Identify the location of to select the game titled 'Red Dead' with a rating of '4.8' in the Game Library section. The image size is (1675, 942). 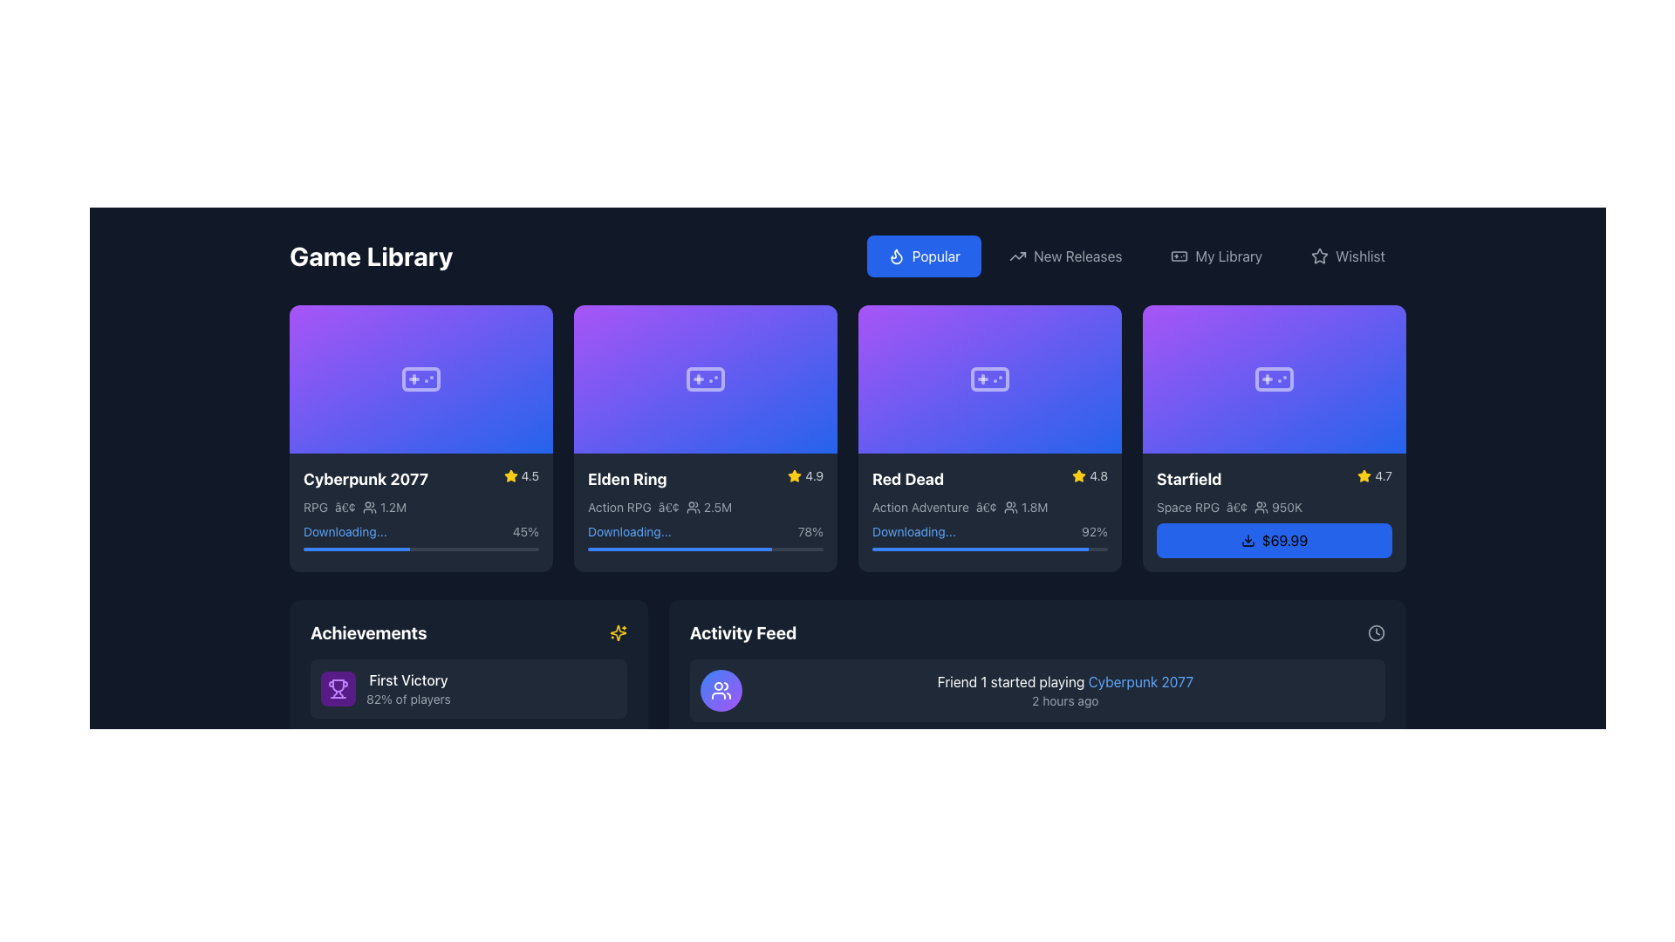
(989, 478).